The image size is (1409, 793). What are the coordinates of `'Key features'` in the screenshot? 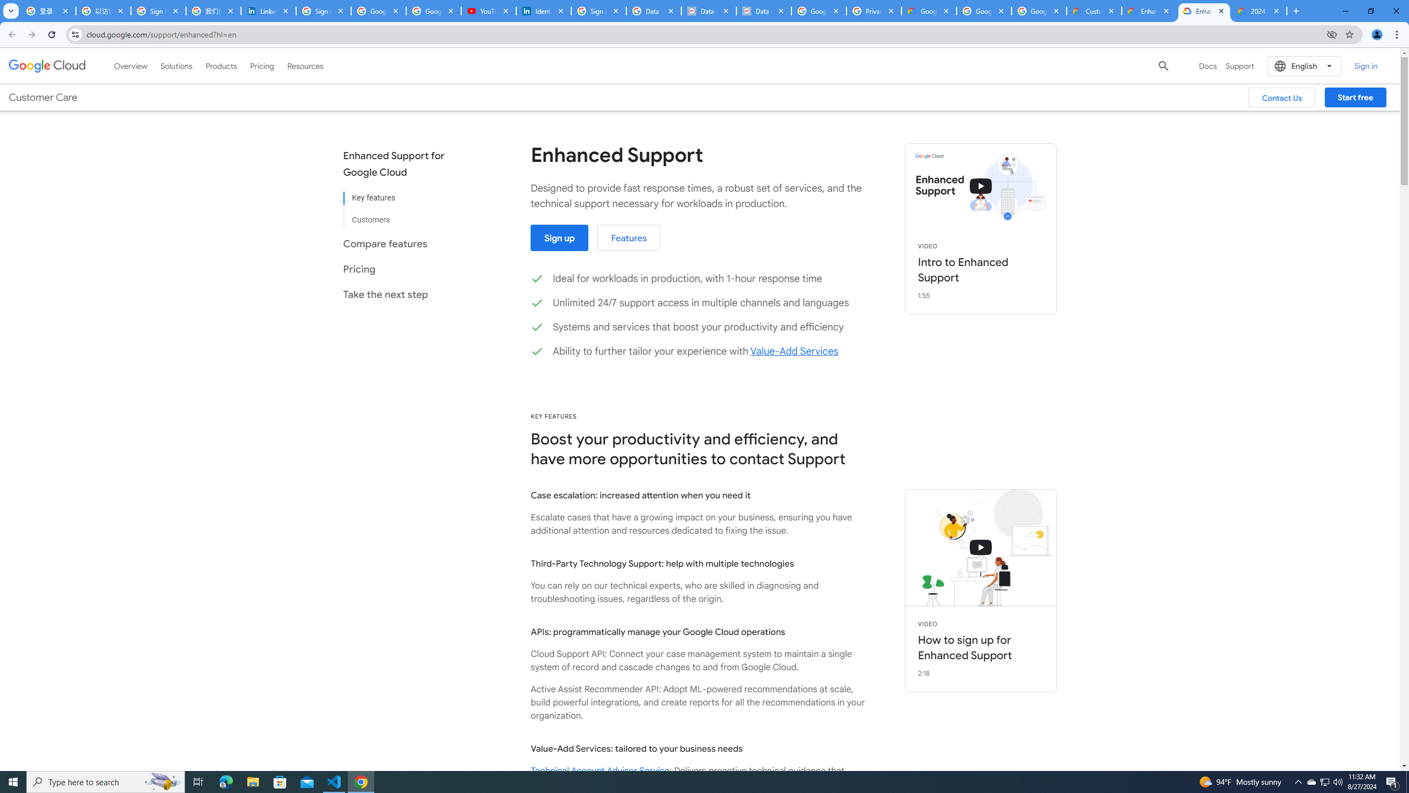 It's located at (401, 198).